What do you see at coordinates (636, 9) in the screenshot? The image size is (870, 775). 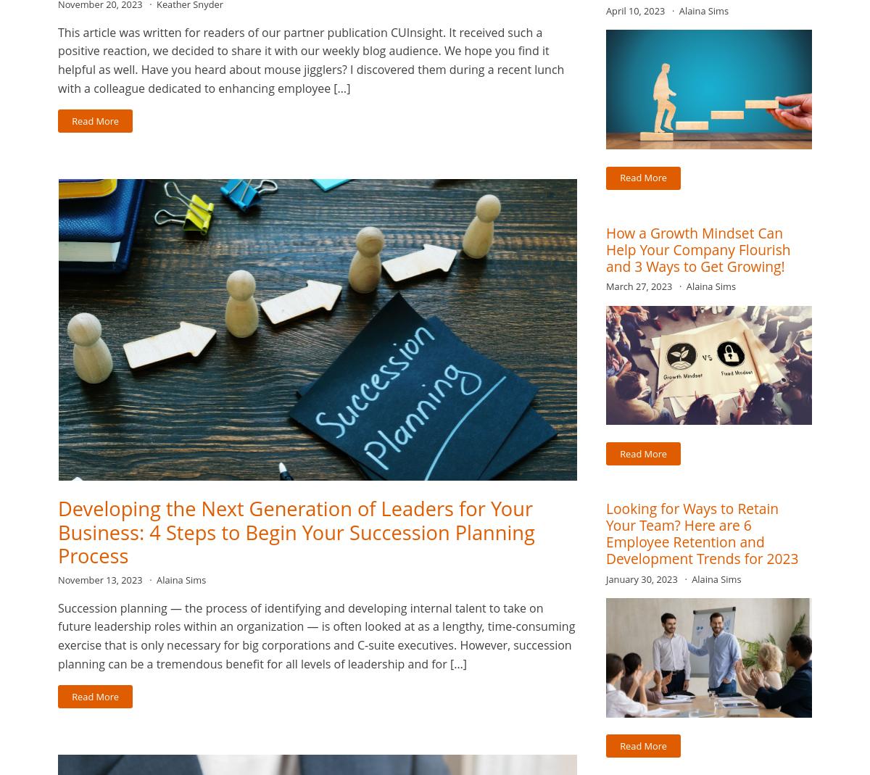 I see `'April 10, 2023'` at bounding box center [636, 9].